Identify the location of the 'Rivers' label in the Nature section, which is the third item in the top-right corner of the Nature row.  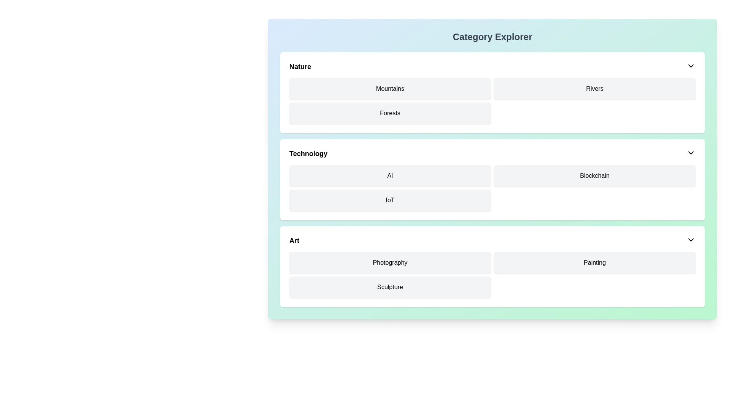
(594, 88).